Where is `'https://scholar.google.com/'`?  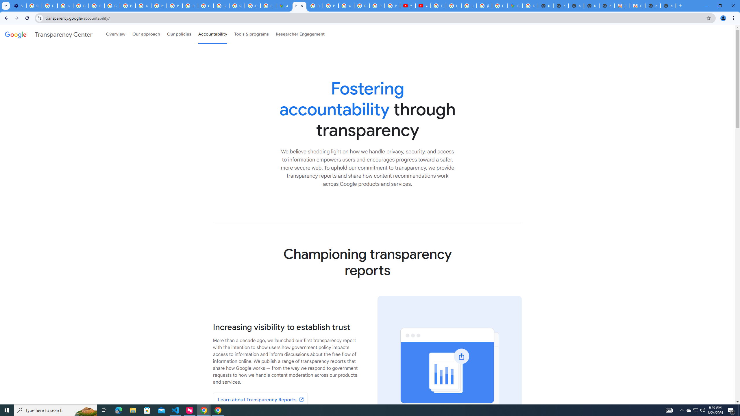 'https://scholar.google.com/' is located at coordinates (159, 5).